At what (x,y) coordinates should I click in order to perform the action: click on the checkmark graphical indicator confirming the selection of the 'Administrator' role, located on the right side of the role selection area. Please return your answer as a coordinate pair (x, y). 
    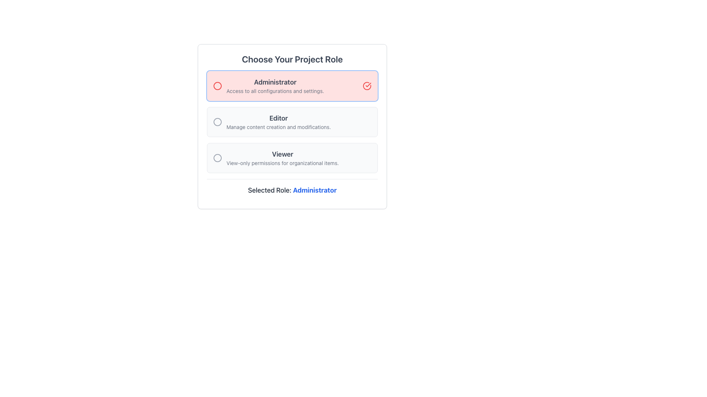
    Looking at the image, I should click on (368, 85).